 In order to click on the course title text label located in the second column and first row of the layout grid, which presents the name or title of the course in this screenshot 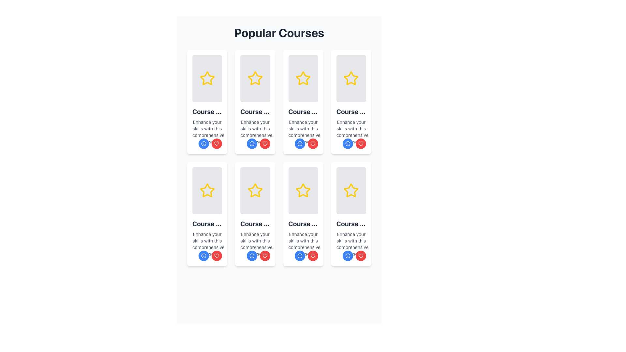, I will do `click(255, 111)`.